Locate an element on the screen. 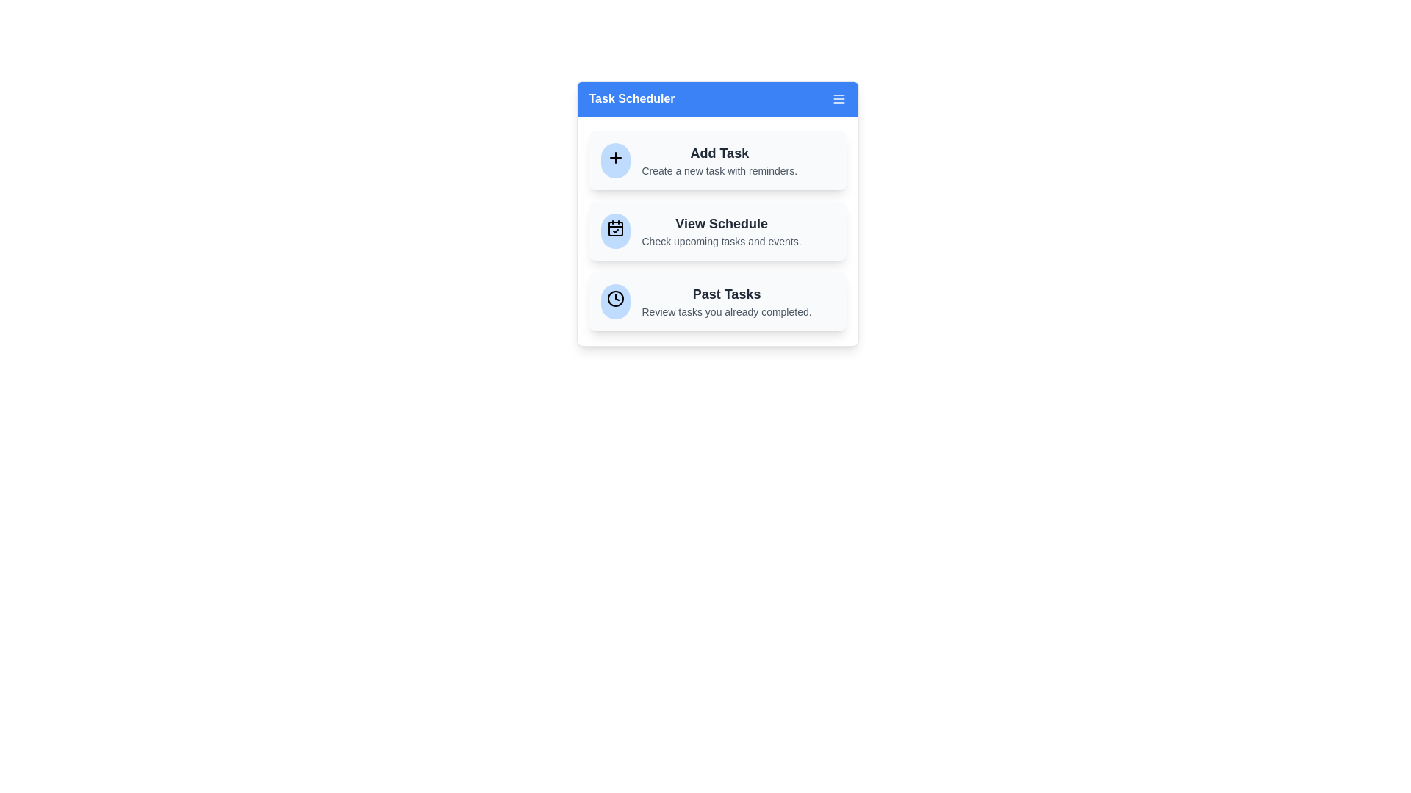  the Add Task to highlight it is located at coordinates (717, 161).